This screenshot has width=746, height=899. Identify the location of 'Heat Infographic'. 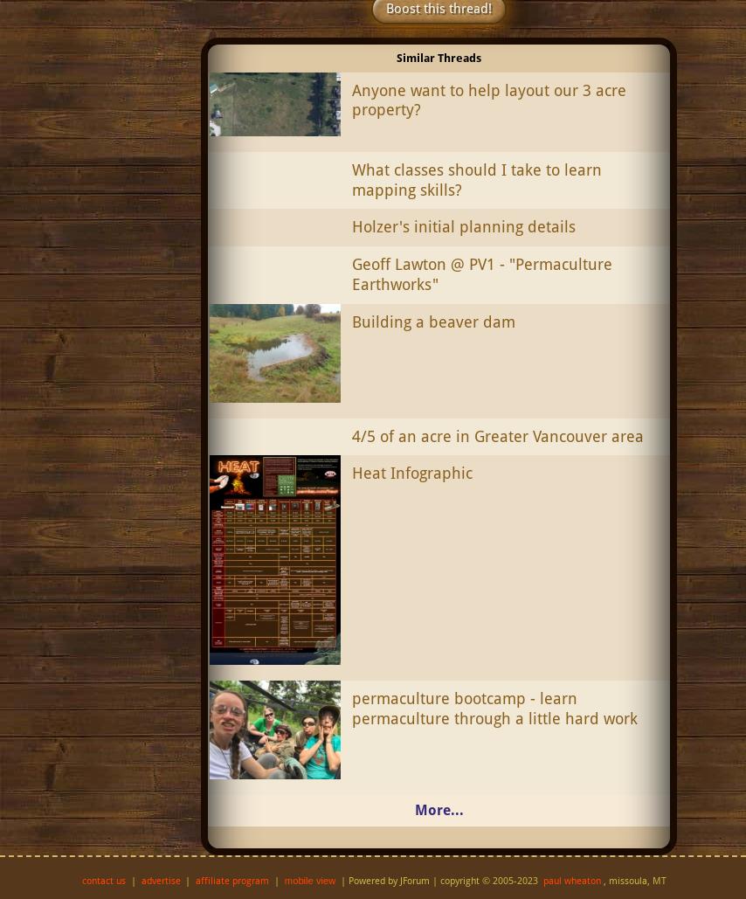
(350, 472).